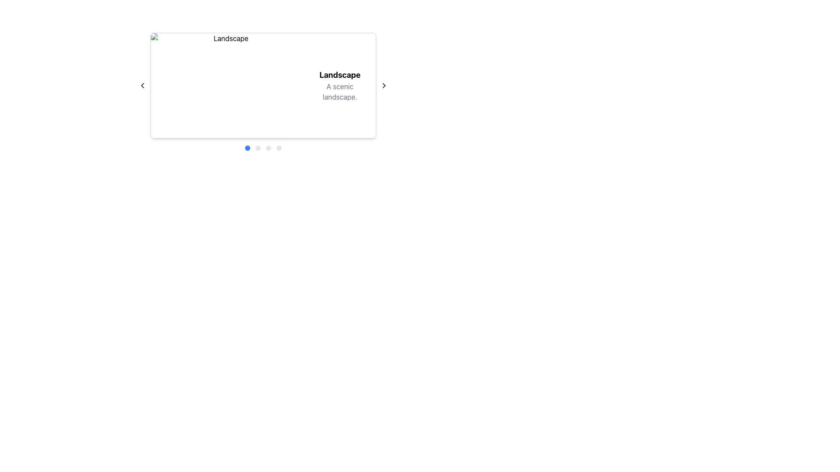 This screenshot has width=840, height=472. Describe the element at coordinates (339, 91) in the screenshot. I see `the static text element that provides an explanatory caption for the title 'Landscape', located below the title in the upper right region of the card layout` at that location.